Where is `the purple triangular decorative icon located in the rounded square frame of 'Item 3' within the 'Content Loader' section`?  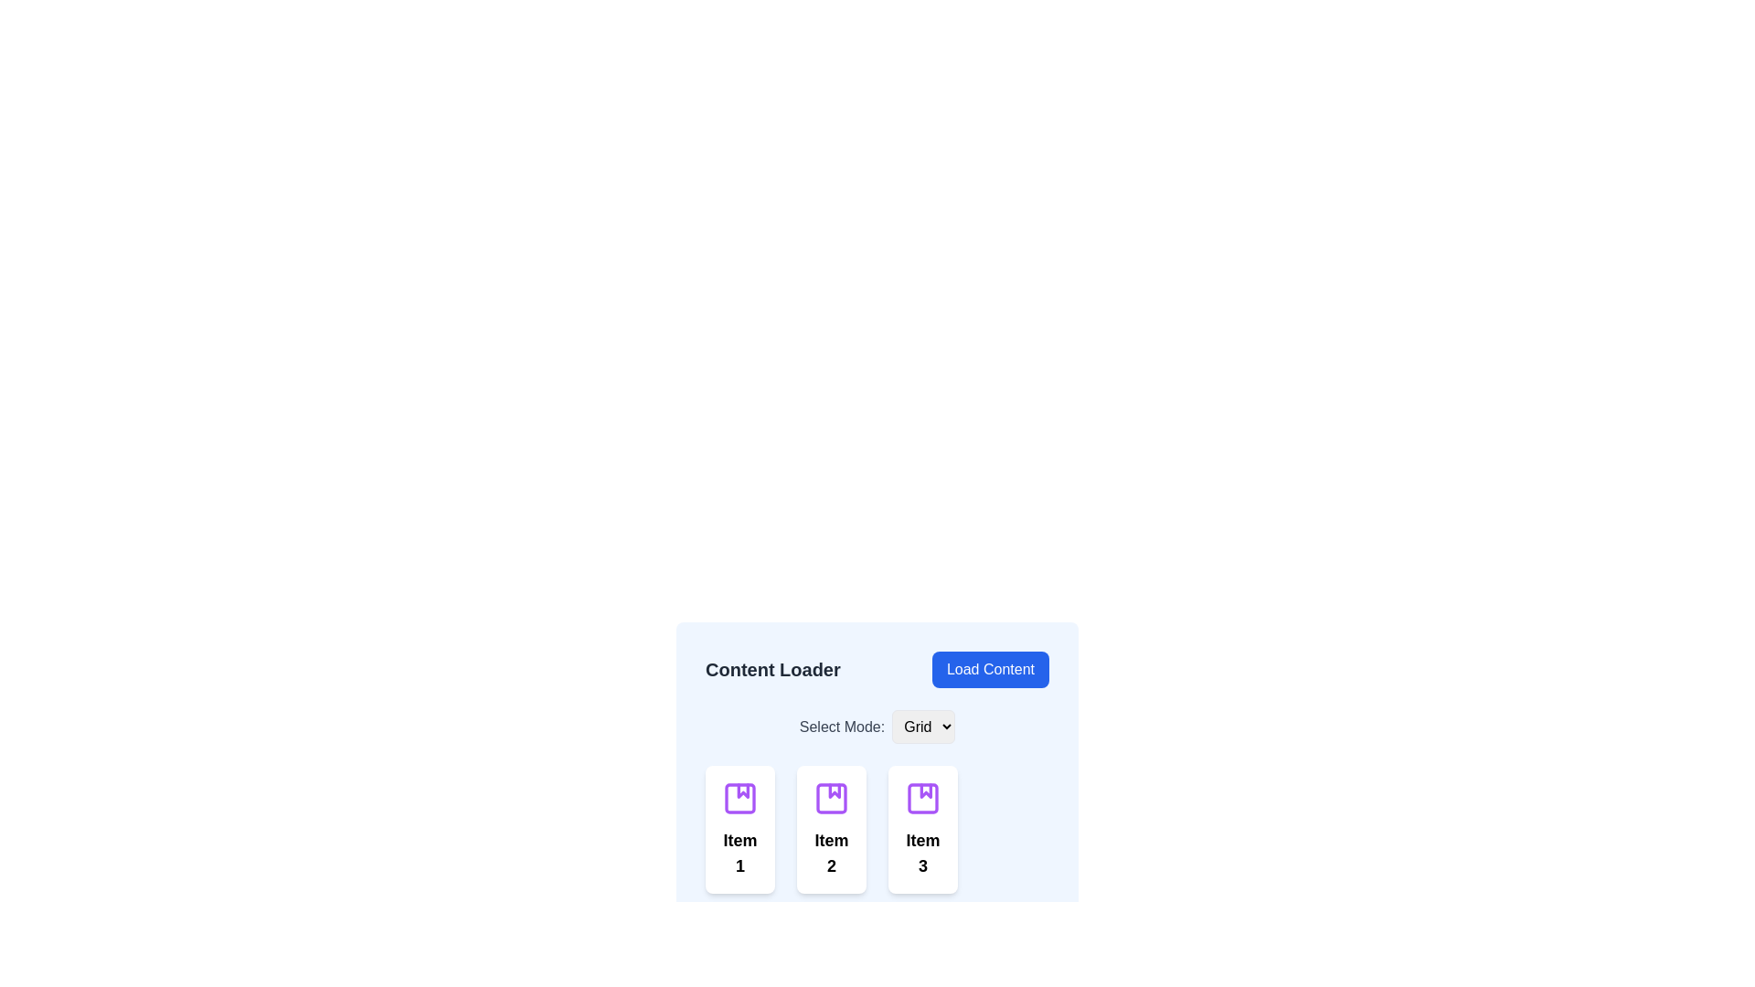 the purple triangular decorative icon located in the rounded square frame of 'Item 3' within the 'Content Loader' section is located at coordinates (926, 790).